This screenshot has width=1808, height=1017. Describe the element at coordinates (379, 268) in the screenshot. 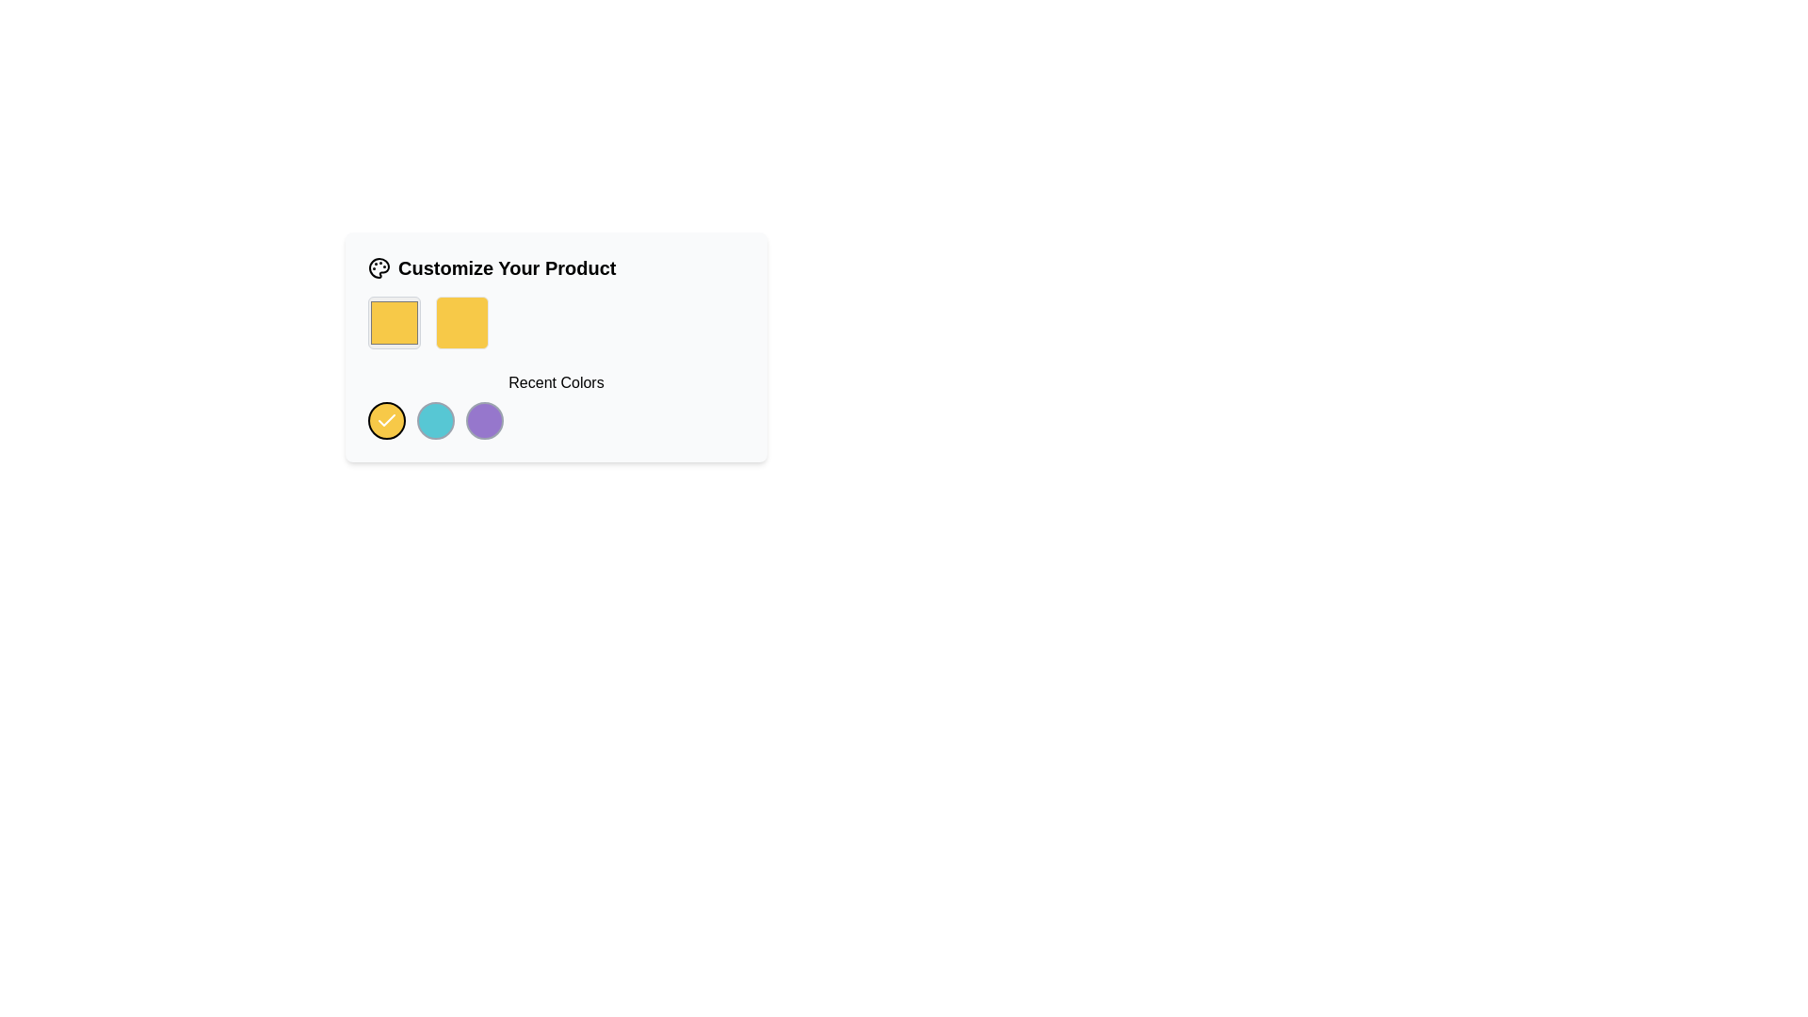

I see `the decorative palette icon located to the left of the 'Customize Your Product' header` at that location.